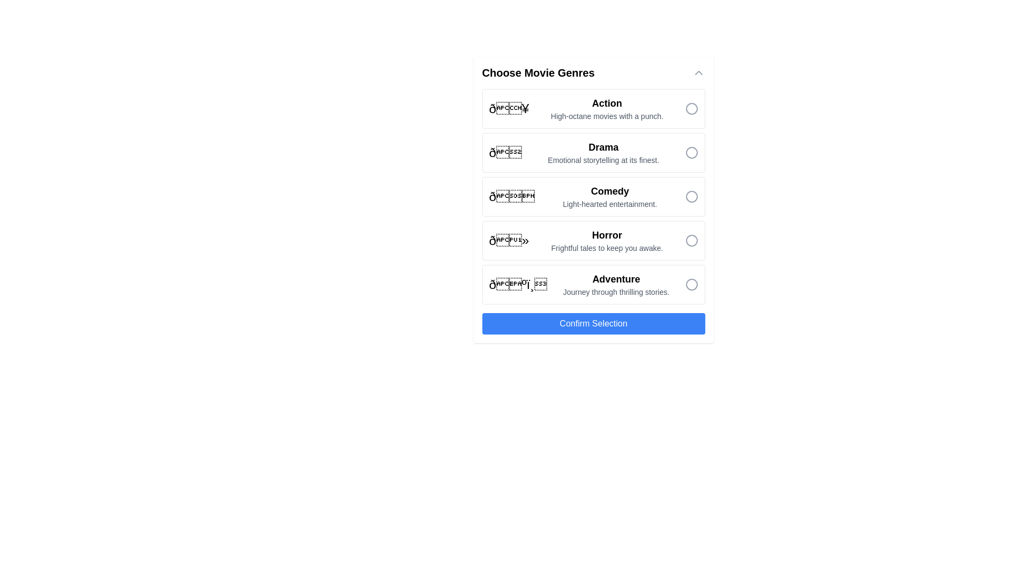 This screenshot has height=579, width=1029. What do you see at coordinates (607, 116) in the screenshot?
I see `the text label that reads 'High-octane movies with a punch.' located below the bold title 'Action.'` at bounding box center [607, 116].